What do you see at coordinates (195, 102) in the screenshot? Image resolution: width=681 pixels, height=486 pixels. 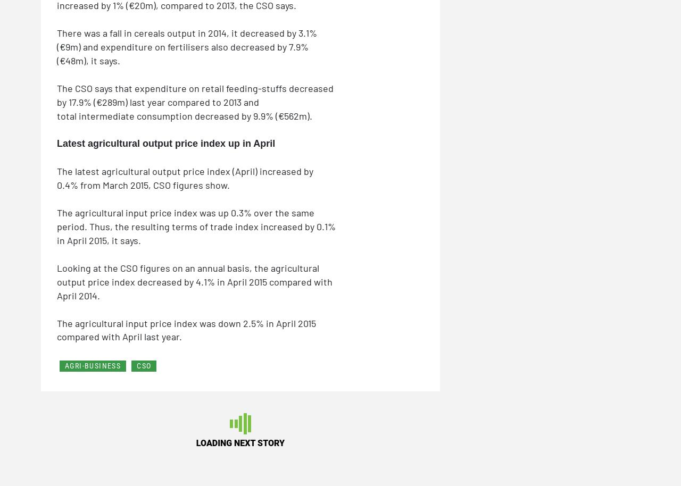 I see `'The CSO says that expenditure on retail feeding-stuffs decreased by 17.9% (€289m) last year compared to 2013 and total intermediate consumption decreased by 9.9% (€562m).'` at bounding box center [195, 102].